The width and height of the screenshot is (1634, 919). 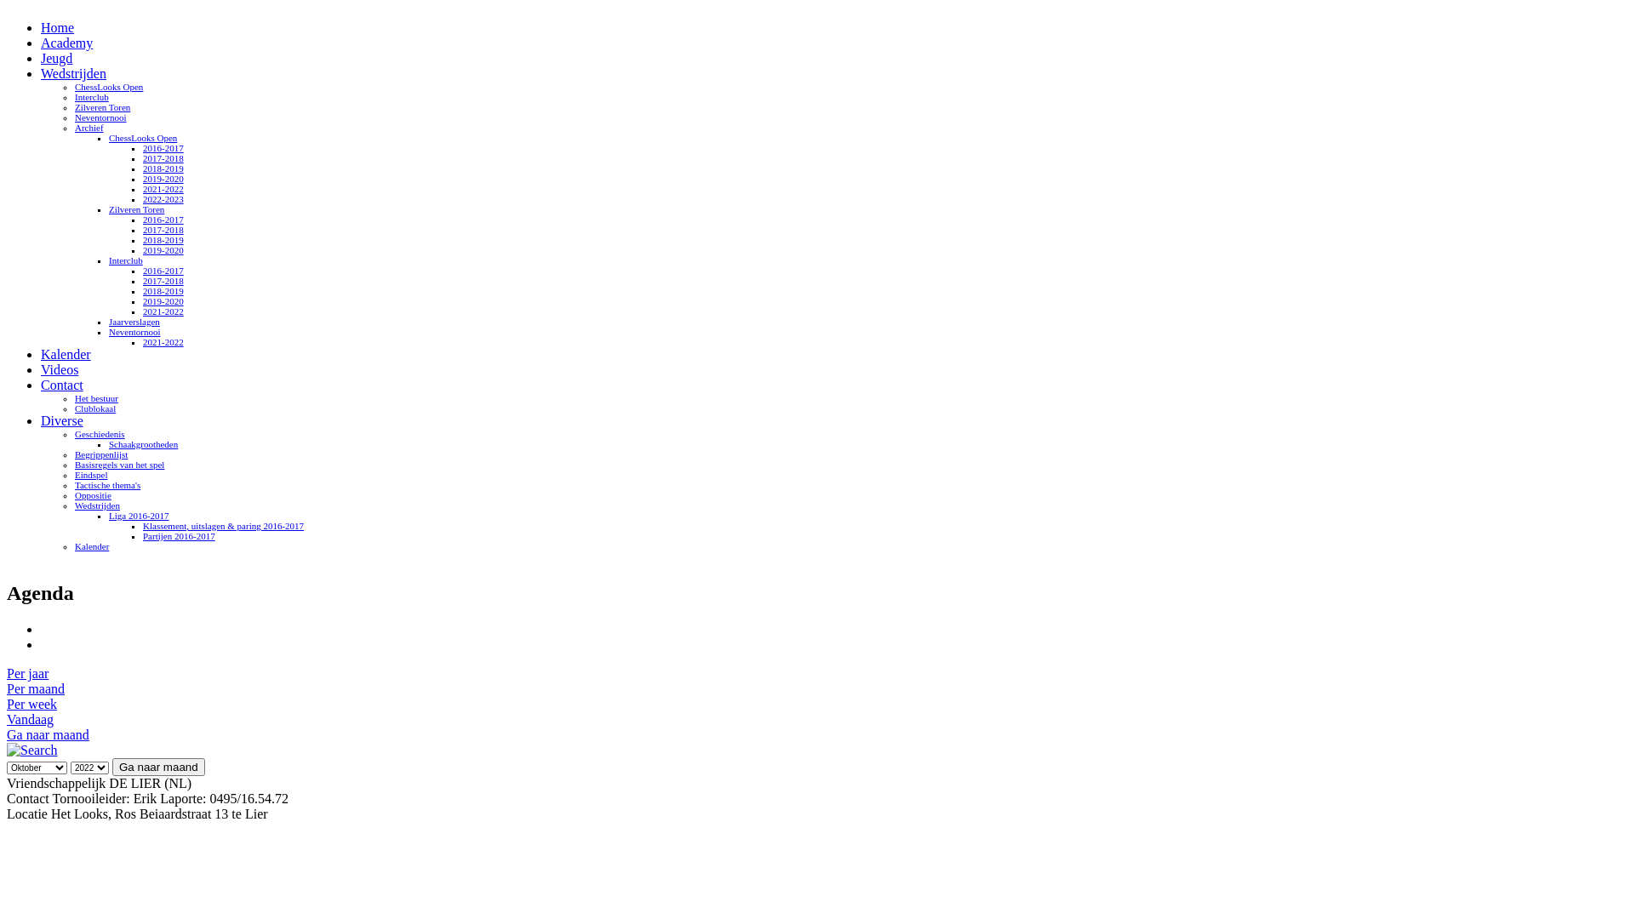 What do you see at coordinates (95, 397) in the screenshot?
I see `'Het bestuur'` at bounding box center [95, 397].